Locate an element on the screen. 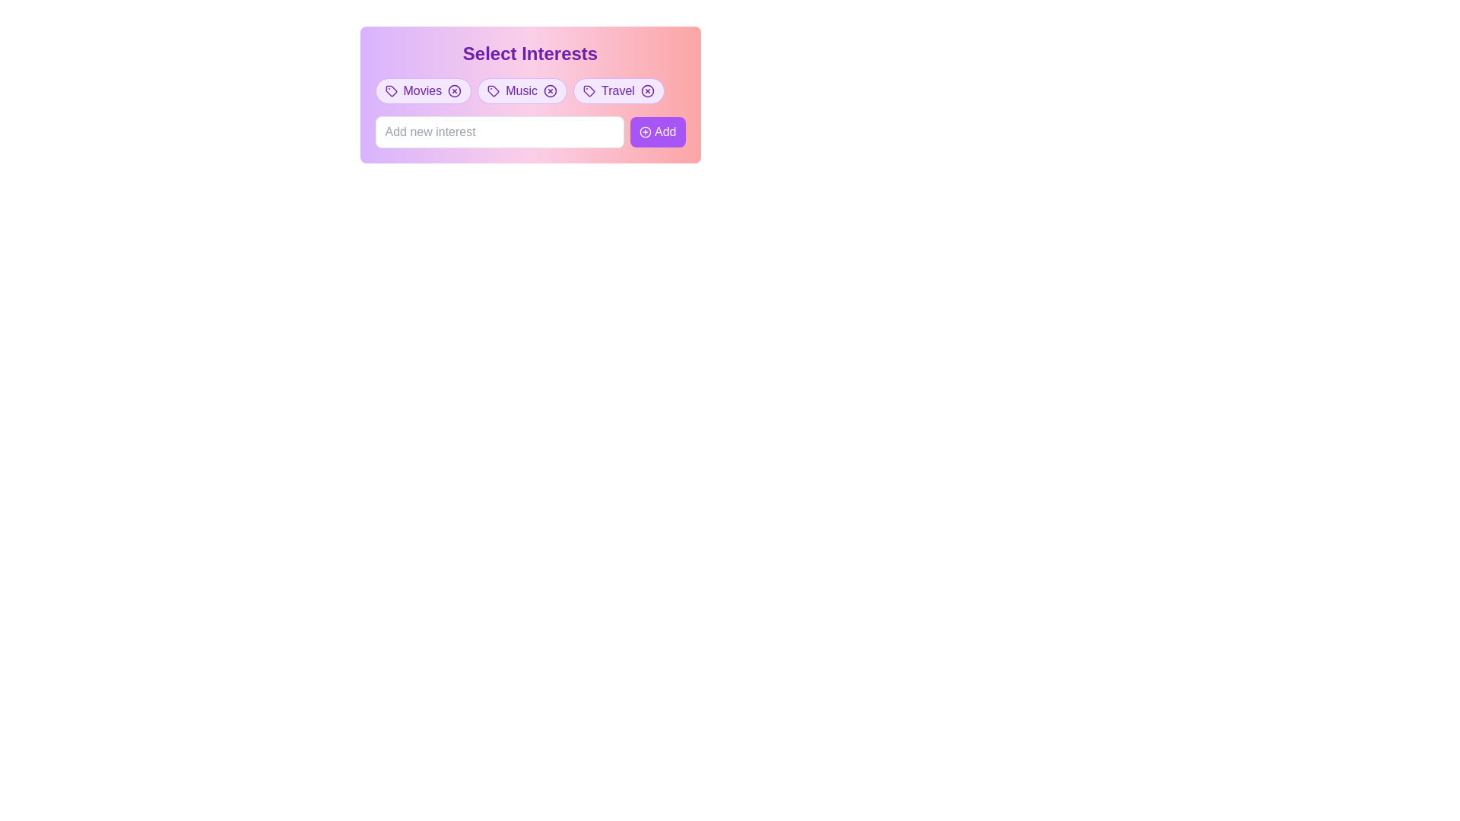  the close button on the third pill-shaped tag labeled 'Travel' is located at coordinates (618, 90).